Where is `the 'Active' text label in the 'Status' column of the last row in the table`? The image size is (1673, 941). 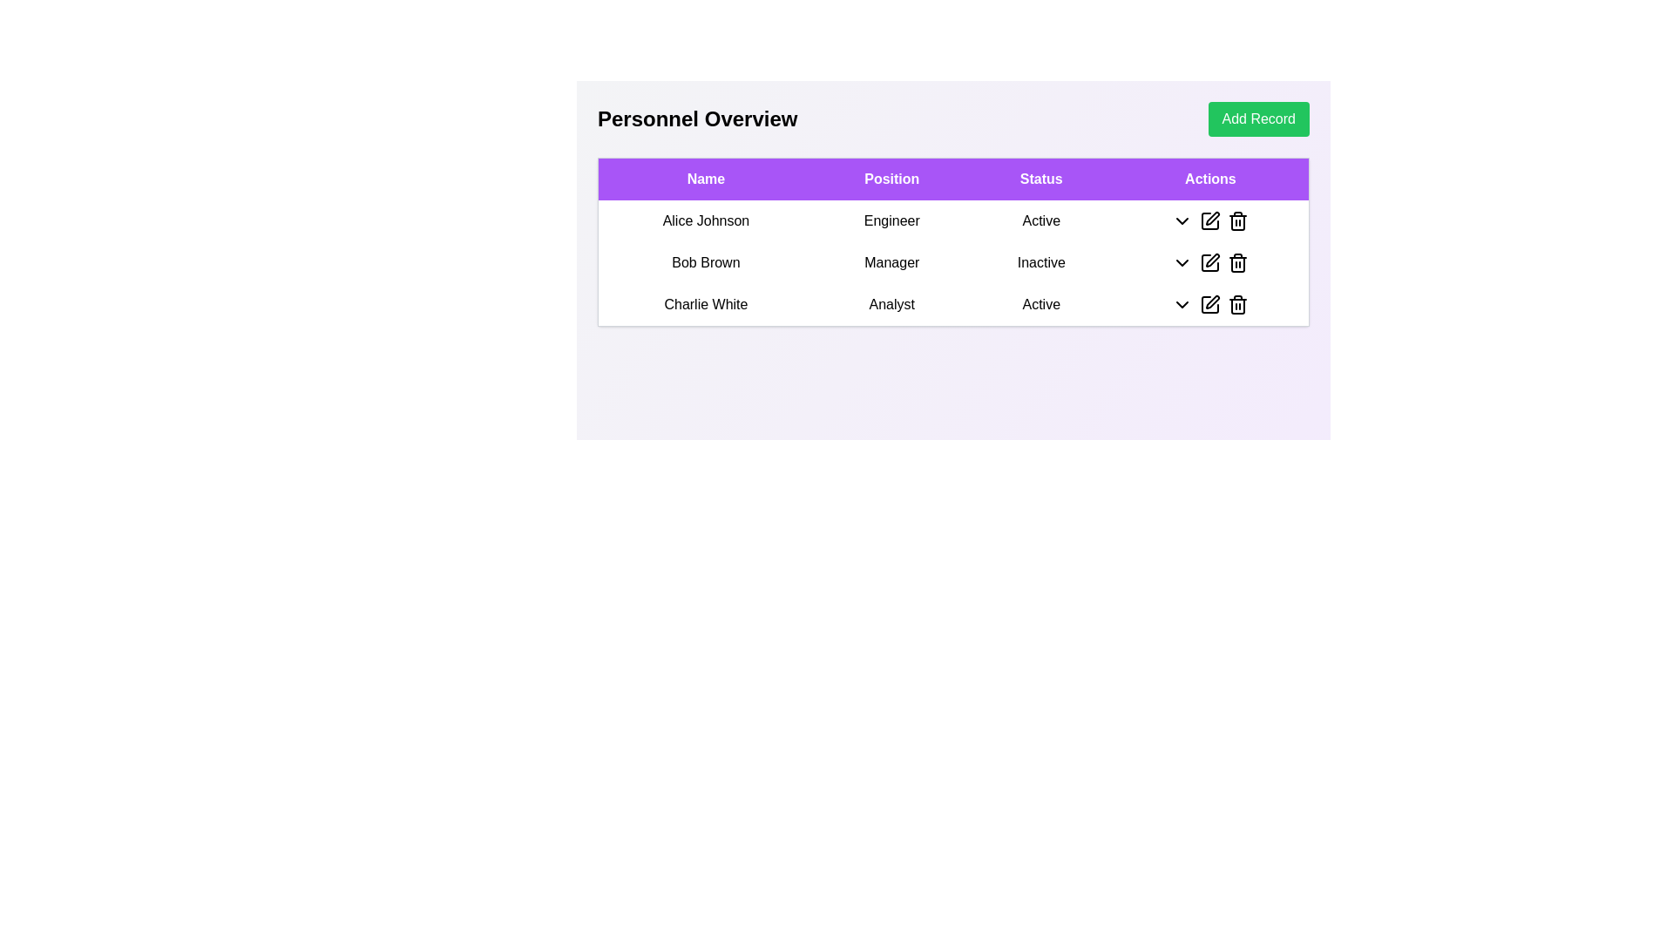 the 'Active' text label in the 'Status' column of the last row in the table is located at coordinates (1041, 304).